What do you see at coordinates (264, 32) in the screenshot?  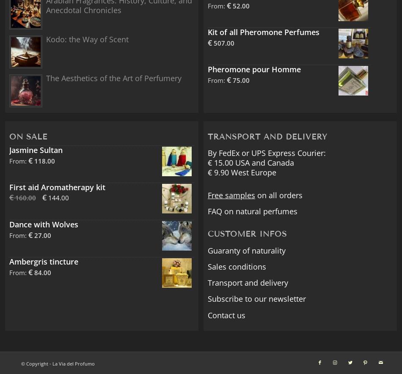 I see `'Kit of all Pheromone Perfumes'` at bounding box center [264, 32].